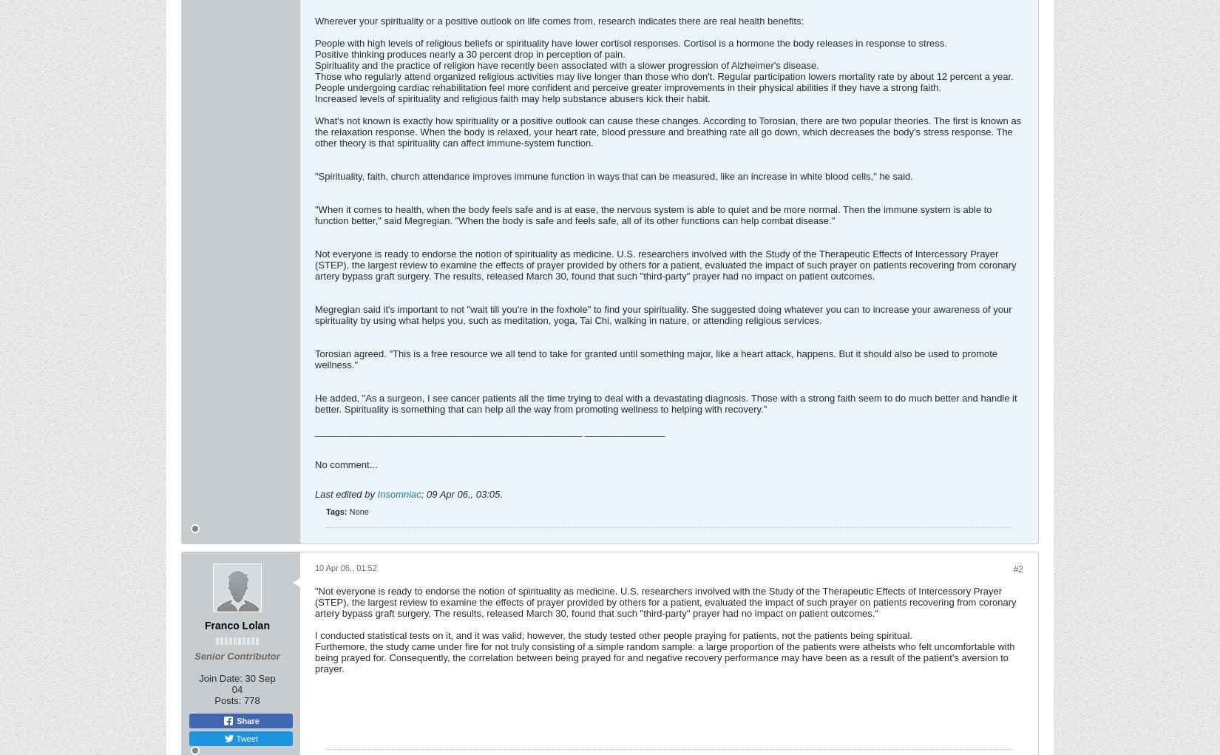 The height and width of the screenshot is (755, 1220). I want to click on '778', so click(251, 699).